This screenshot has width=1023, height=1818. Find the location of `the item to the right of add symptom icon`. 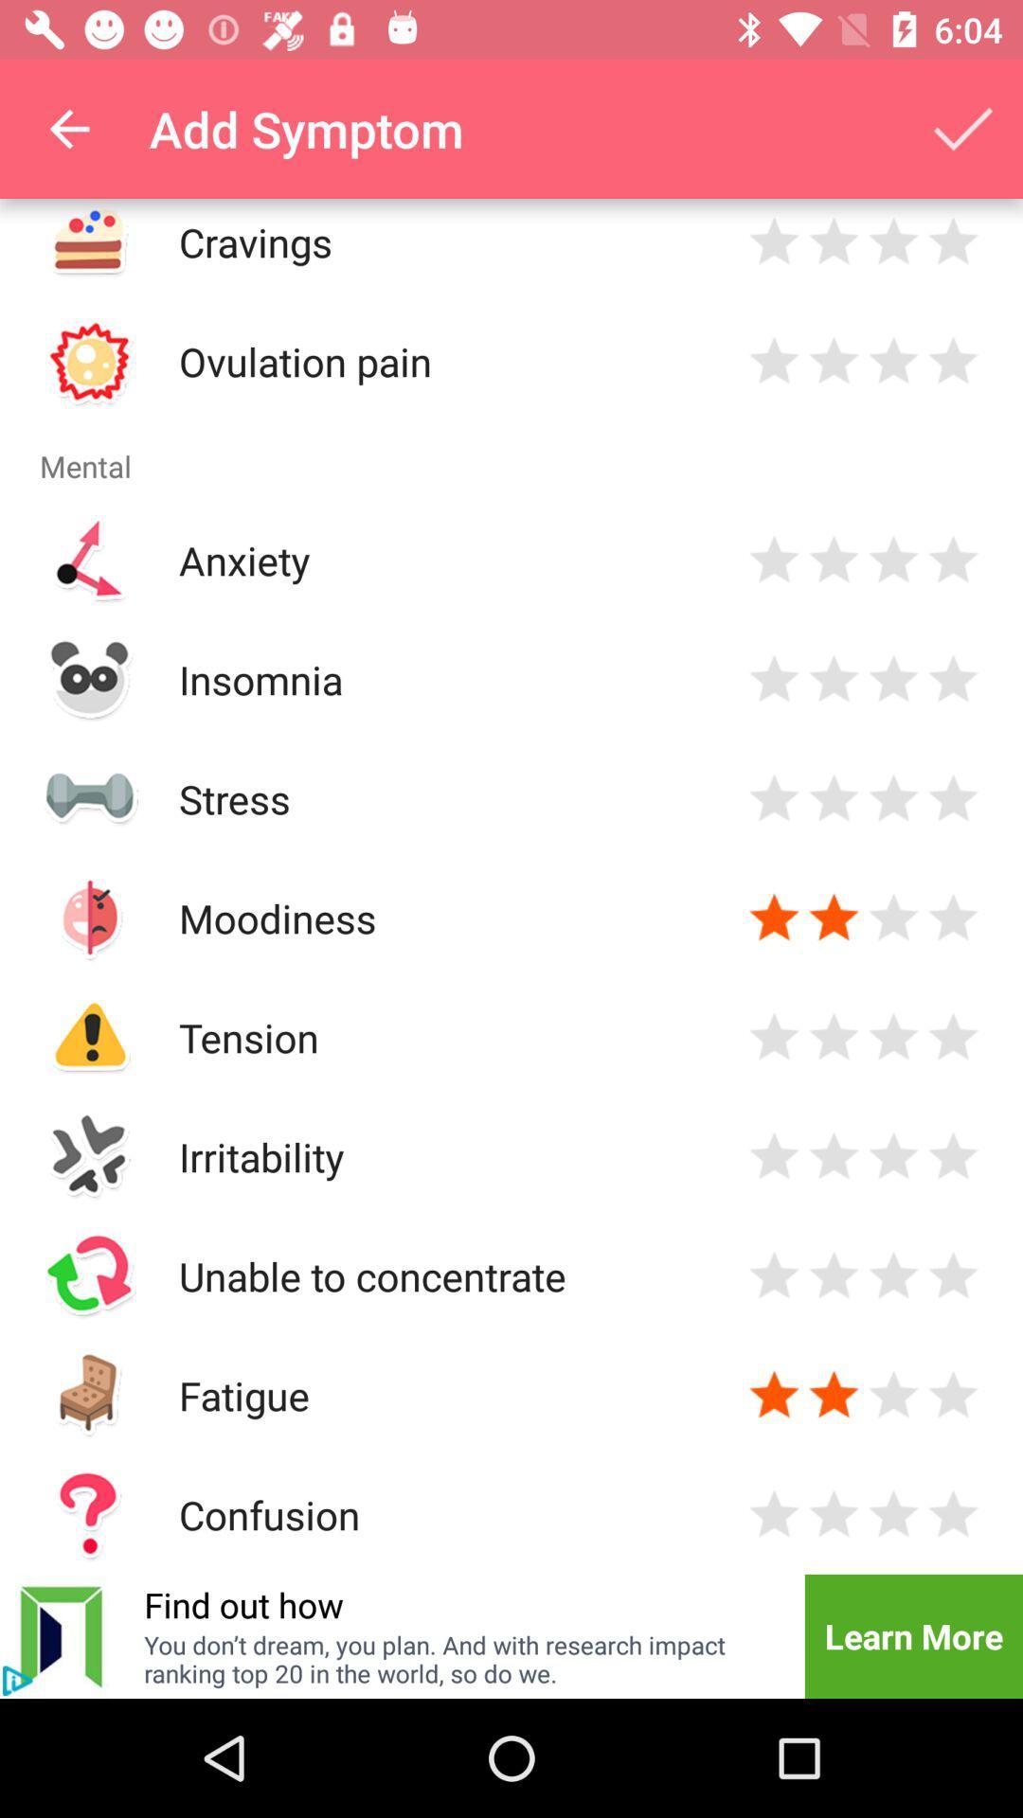

the item to the right of add symptom icon is located at coordinates (963, 128).